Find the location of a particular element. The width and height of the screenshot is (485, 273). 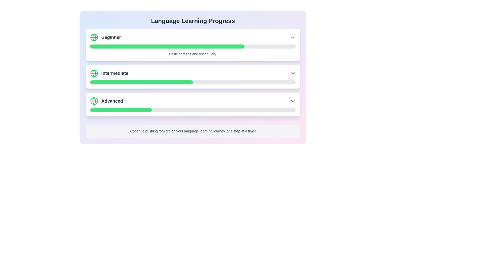

the 'Beginner' text element with a green globe icon, which is the first header item in the 'Language Learning Progress' section is located at coordinates (105, 37).